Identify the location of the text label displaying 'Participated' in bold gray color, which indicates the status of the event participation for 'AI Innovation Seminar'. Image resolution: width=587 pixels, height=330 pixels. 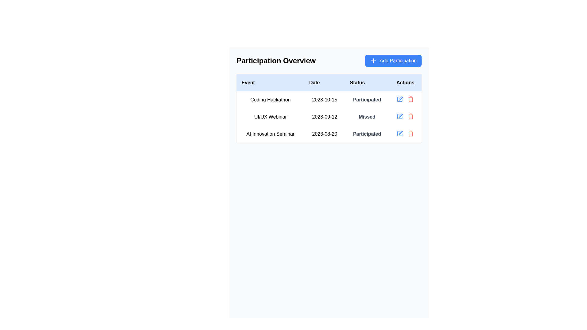
(367, 134).